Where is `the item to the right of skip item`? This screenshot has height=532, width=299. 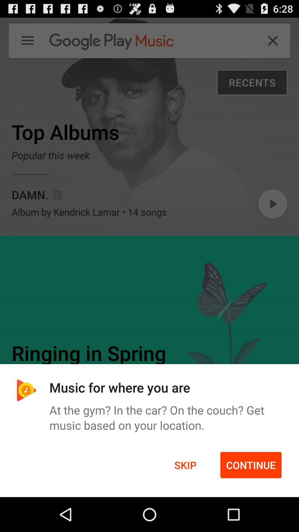
the item to the right of skip item is located at coordinates (251, 465).